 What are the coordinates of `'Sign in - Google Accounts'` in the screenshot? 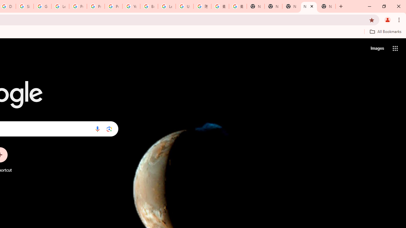 It's located at (25, 6).